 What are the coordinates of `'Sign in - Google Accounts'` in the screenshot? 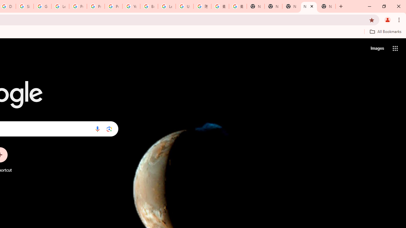 It's located at (25, 6).